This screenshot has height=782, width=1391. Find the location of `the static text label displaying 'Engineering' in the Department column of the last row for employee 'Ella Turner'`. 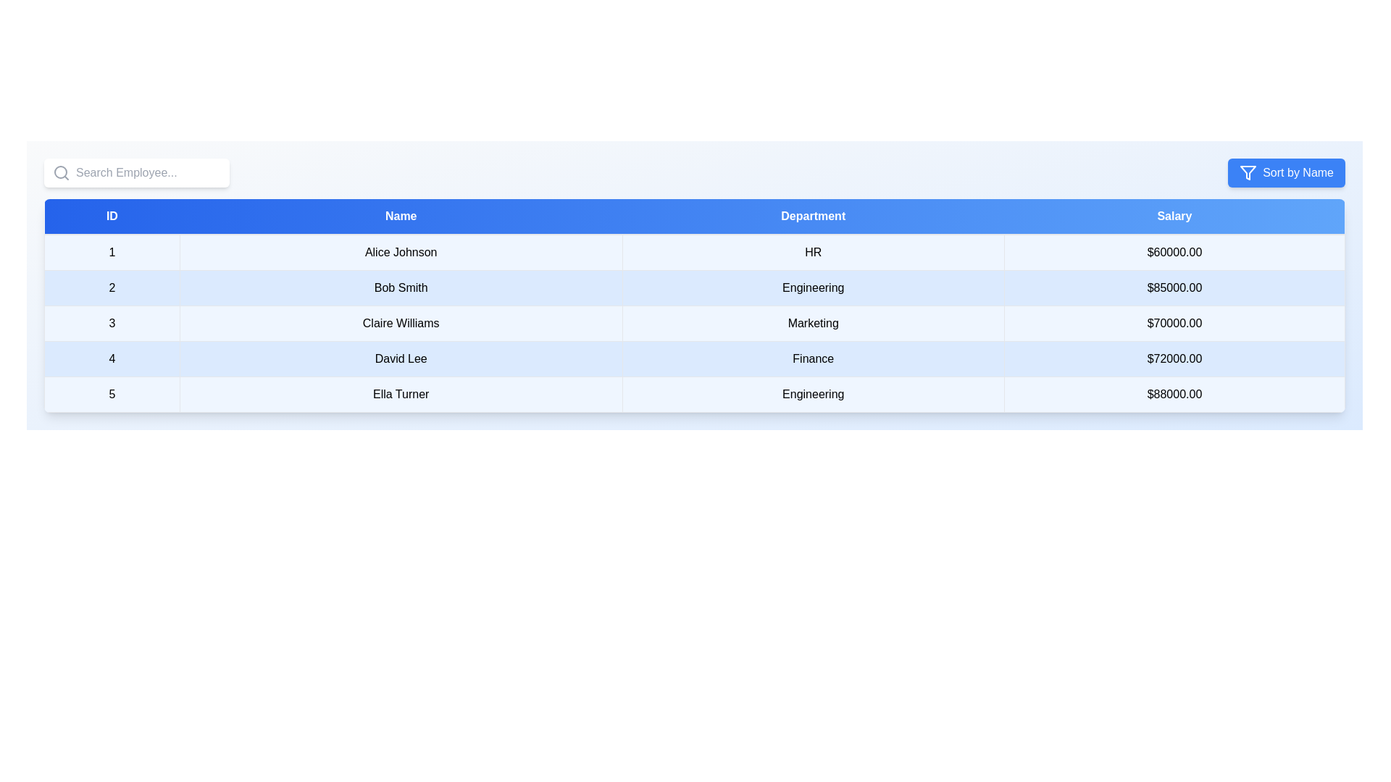

the static text label displaying 'Engineering' in the Department column of the last row for employee 'Ella Turner' is located at coordinates (813, 394).